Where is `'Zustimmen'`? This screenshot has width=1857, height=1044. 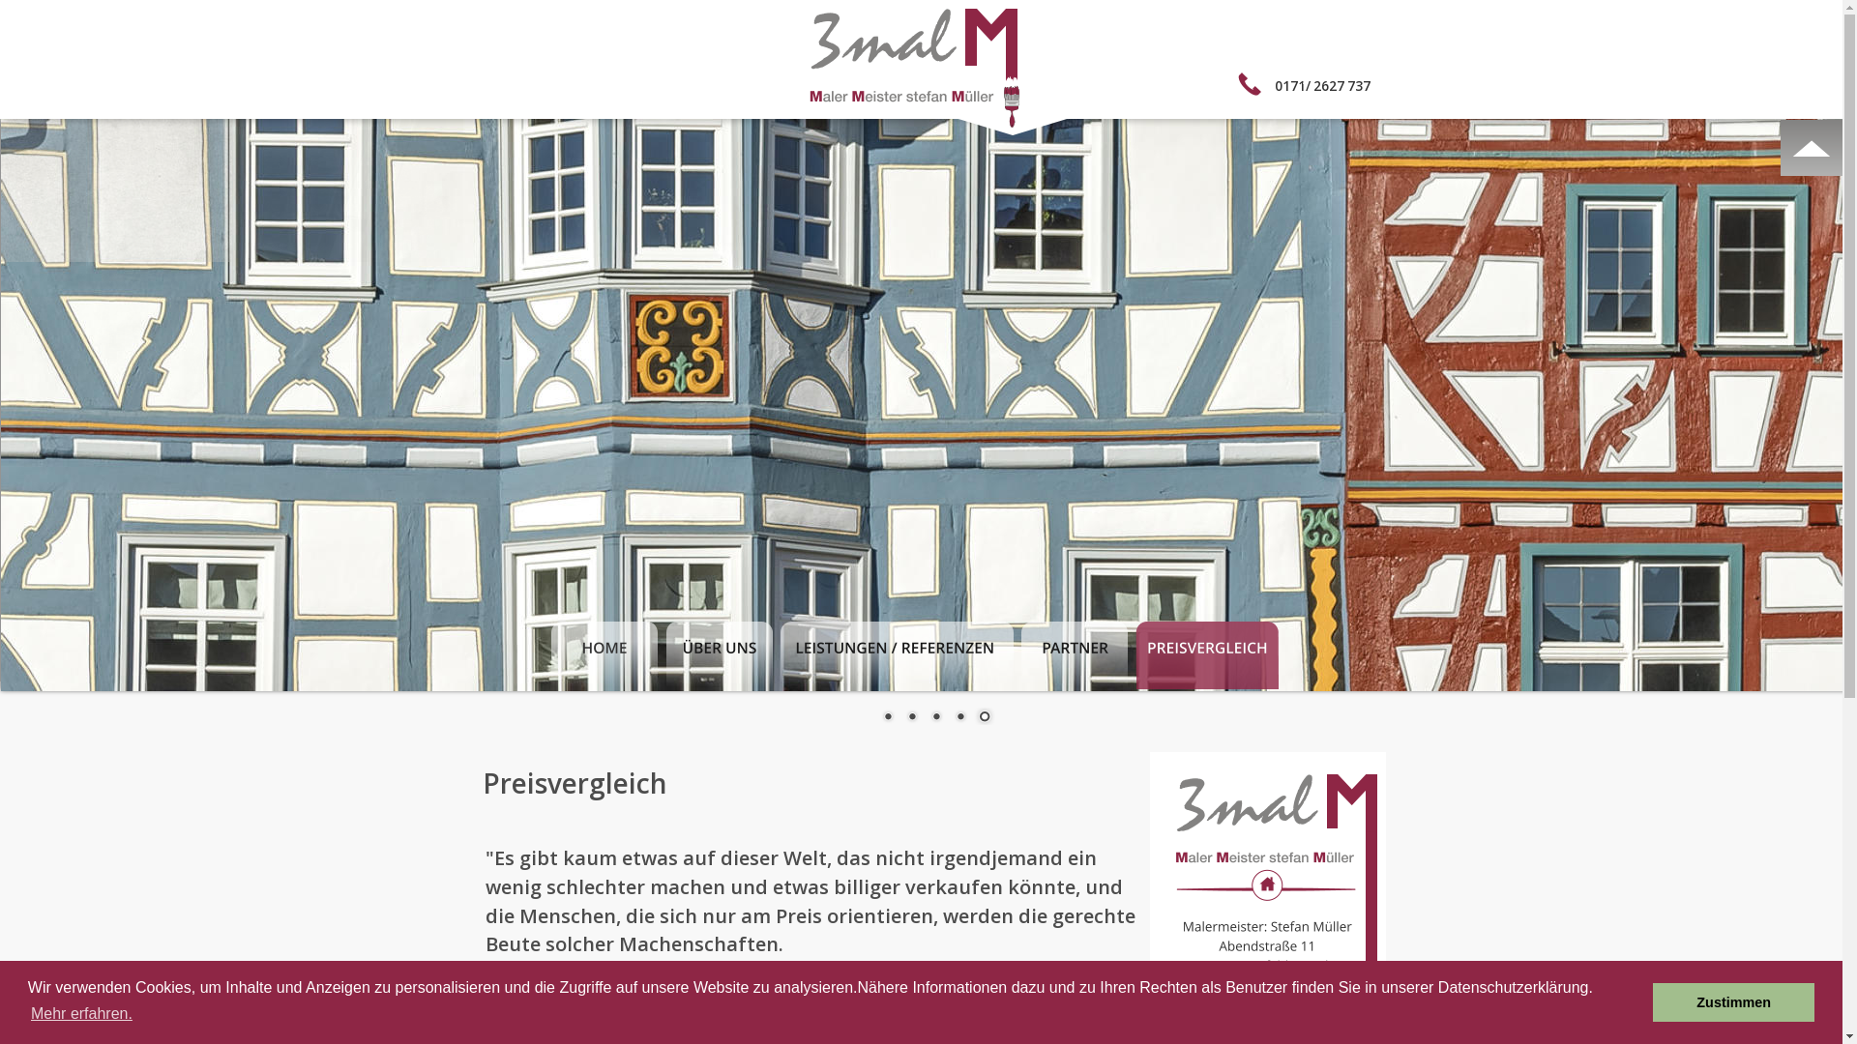
'Zustimmen' is located at coordinates (1733, 1001).